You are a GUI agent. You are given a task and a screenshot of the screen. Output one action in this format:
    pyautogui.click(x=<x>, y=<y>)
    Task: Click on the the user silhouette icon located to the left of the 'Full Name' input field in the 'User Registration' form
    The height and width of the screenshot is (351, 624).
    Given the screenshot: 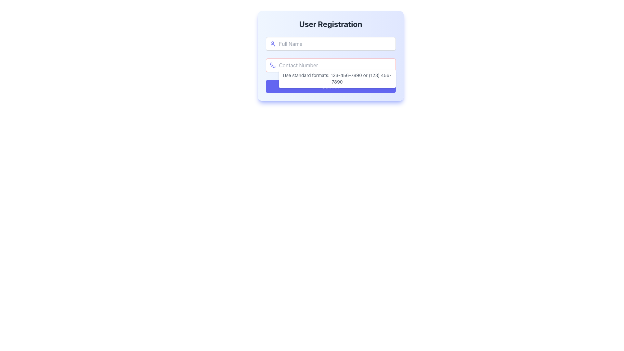 What is the action you would take?
    pyautogui.click(x=272, y=44)
    